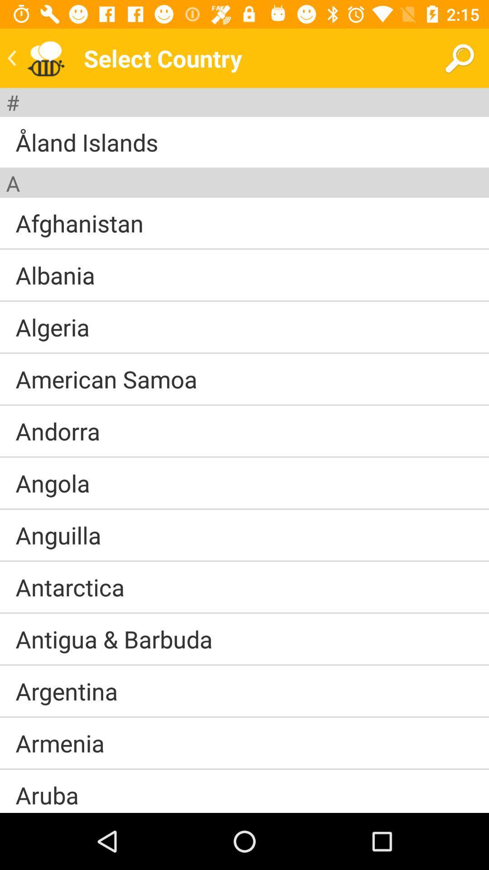 The width and height of the screenshot is (489, 870). Describe the element at coordinates (13, 102) in the screenshot. I see `#` at that location.